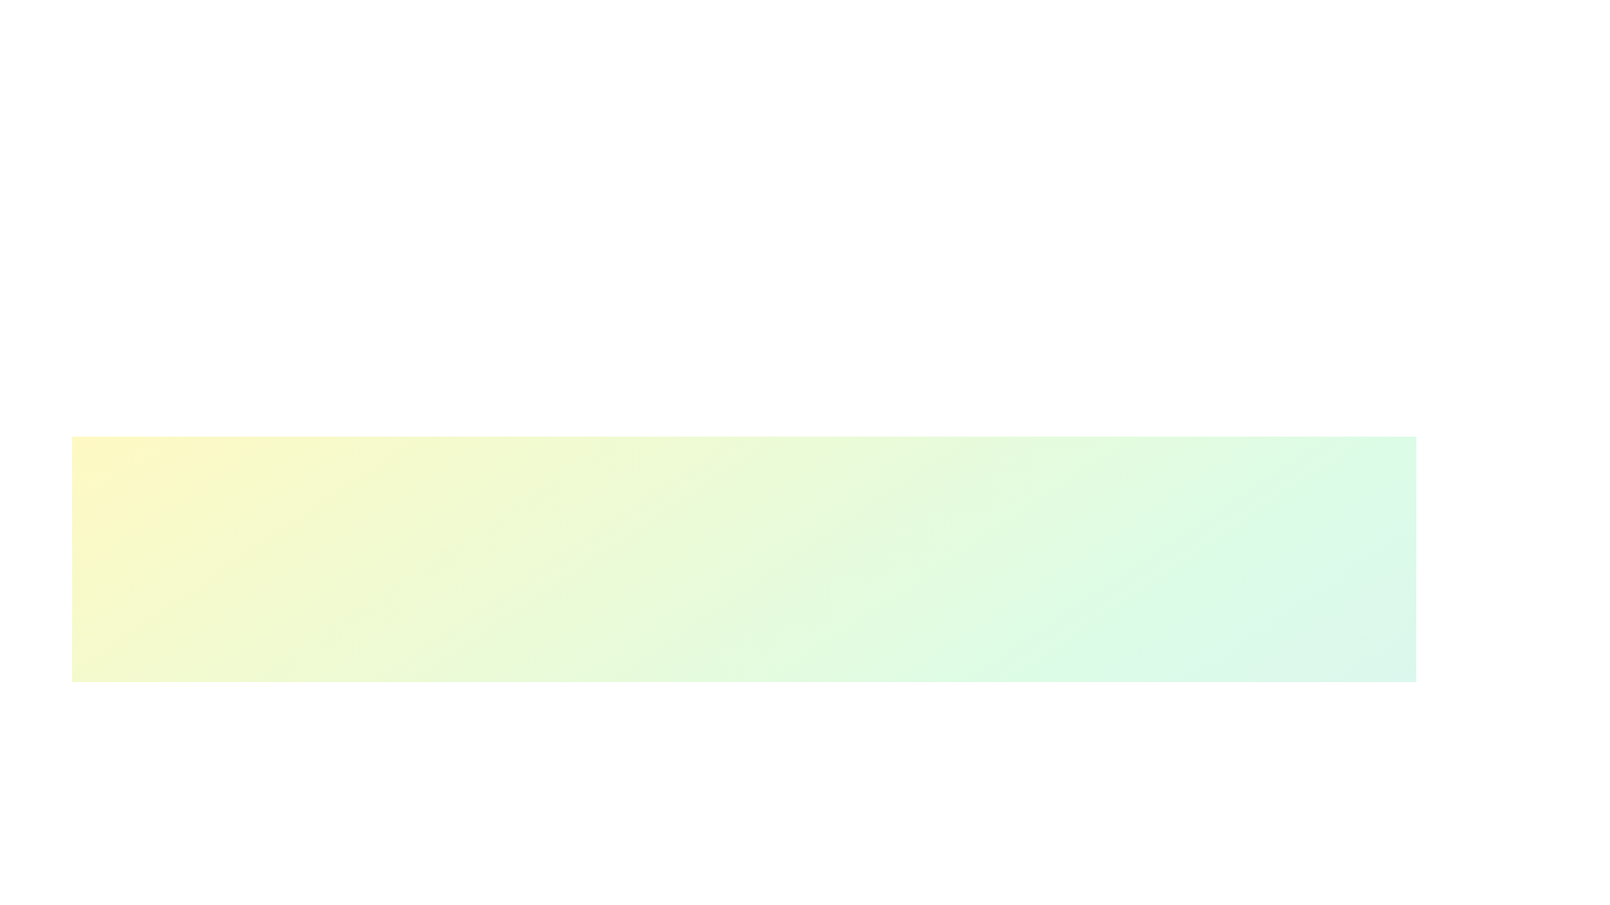 The width and height of the screenshot is (1610, 905). What do you see at coordinates (619, 895) in the screenshot?
I see `the skill progress slider for 1 to 17%` at bounding box center [619, 895].